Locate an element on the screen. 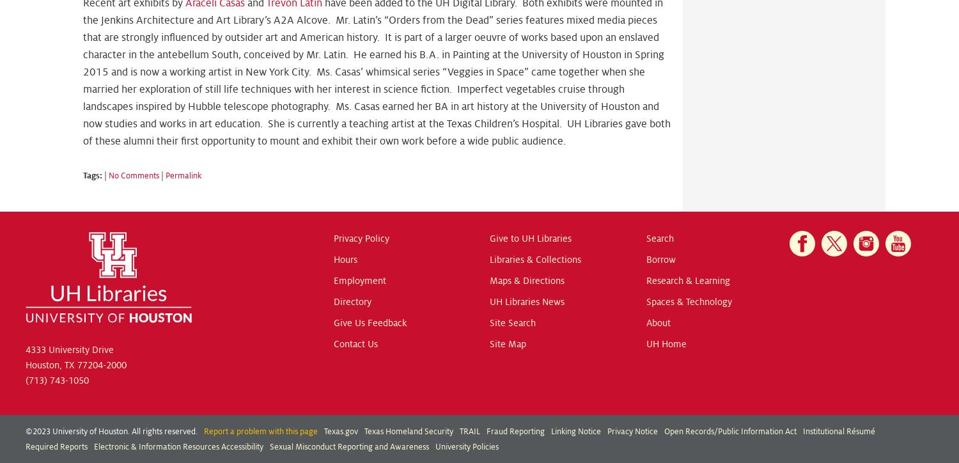 The height and width of the screenshot is (463, 959). 'Required Reports' is located at coordinates (26, 446).